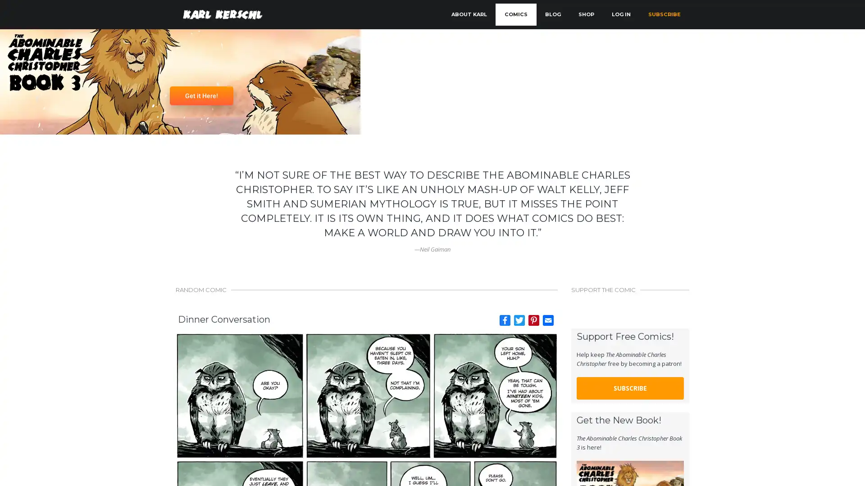  I want to click on SUBSCRIBE, so click(629, 418).